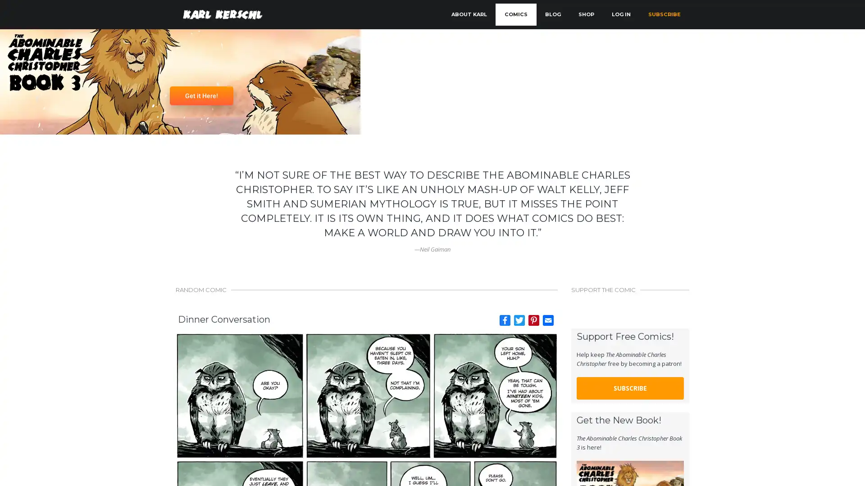  I want to click on SUBSCRIBE, so click(629, 418).